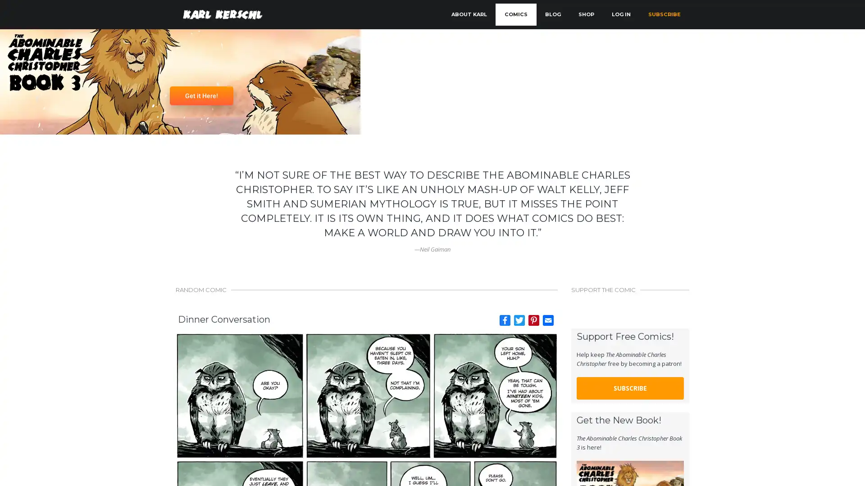  I want to click on SUBSCRIBE, so click(629, 418).